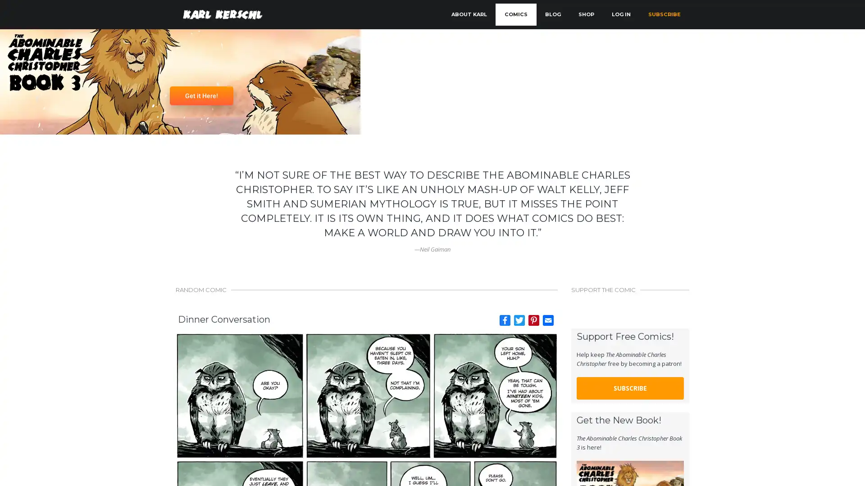  I want to click on SUBSCRIBE, so click(629, 418).